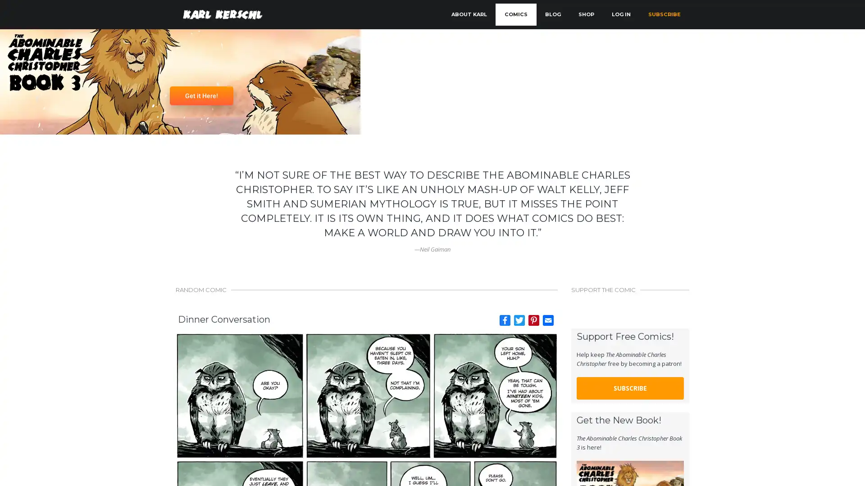  I want to click on SUBSCRIBE, so click(629, 418).